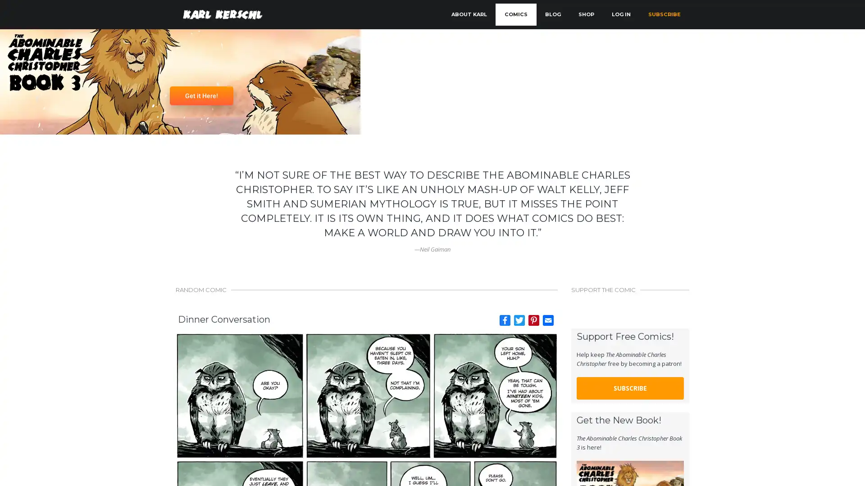  I want to click on SUBSCRIBE, so click(629, 418).